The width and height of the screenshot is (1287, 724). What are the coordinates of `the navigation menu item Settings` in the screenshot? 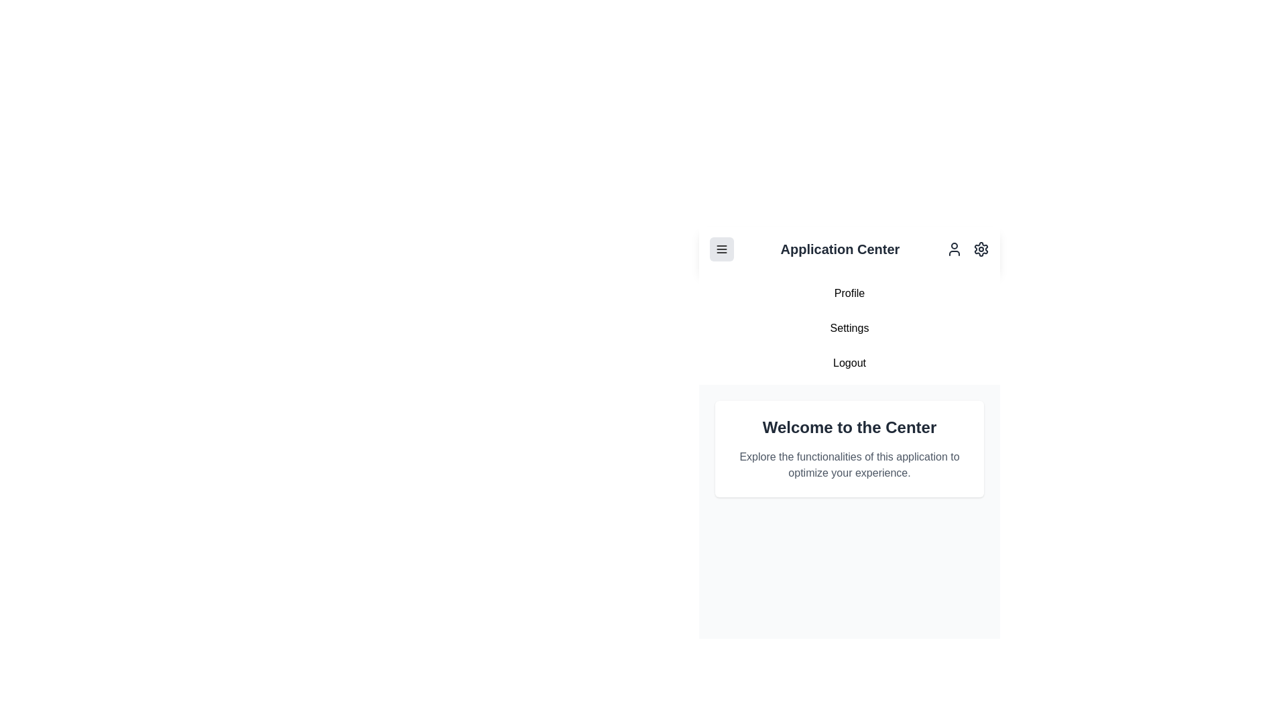 It's located at (849, 328).